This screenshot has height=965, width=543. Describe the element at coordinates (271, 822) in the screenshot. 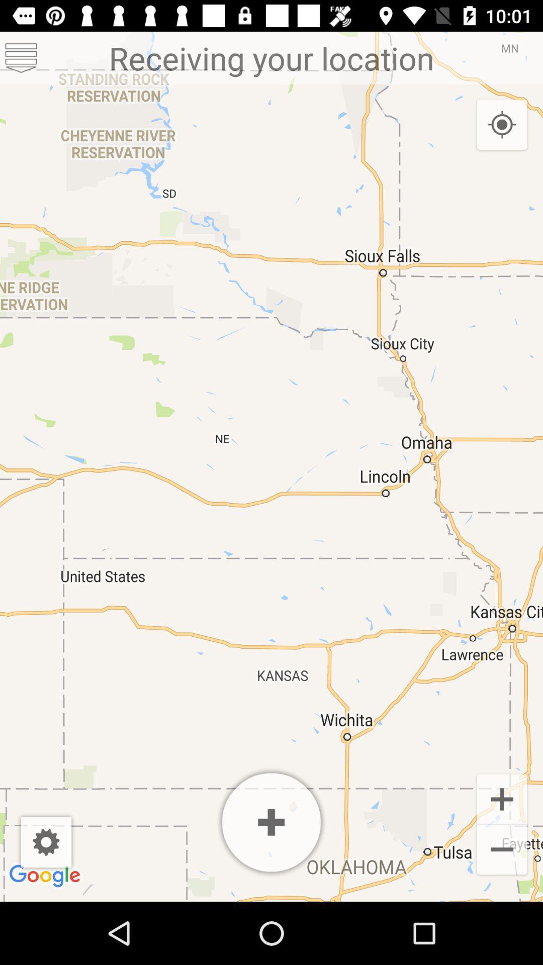

I see `app below the receiving your location` at that location.